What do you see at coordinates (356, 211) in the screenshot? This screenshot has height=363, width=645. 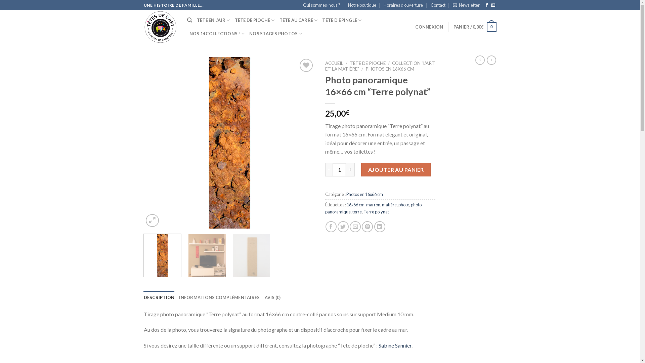 I see `'terre'` at bounding box center [356, 211].